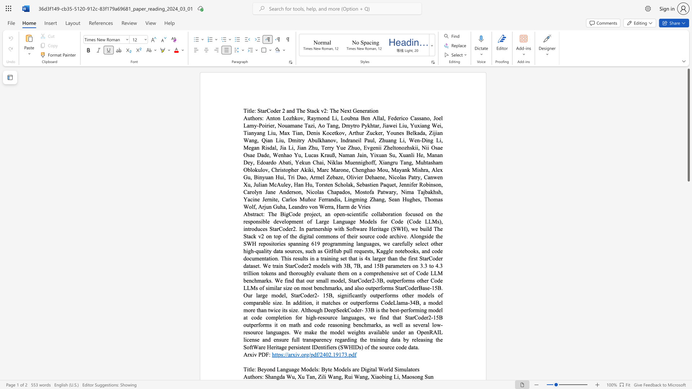  I want to click on the 1th character "a" in the text, so click(408, 376).